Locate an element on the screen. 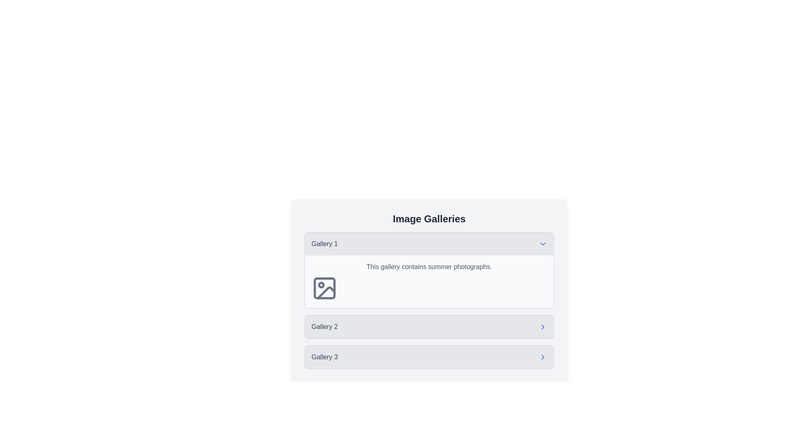 The width and height of the screenshot is (788, 443). the interactive item that navigates to or expands details about 'Gallery 3', located at the bottom of the 'Image Galleries' section as the third item in the list is located at coordinates (429, 357).